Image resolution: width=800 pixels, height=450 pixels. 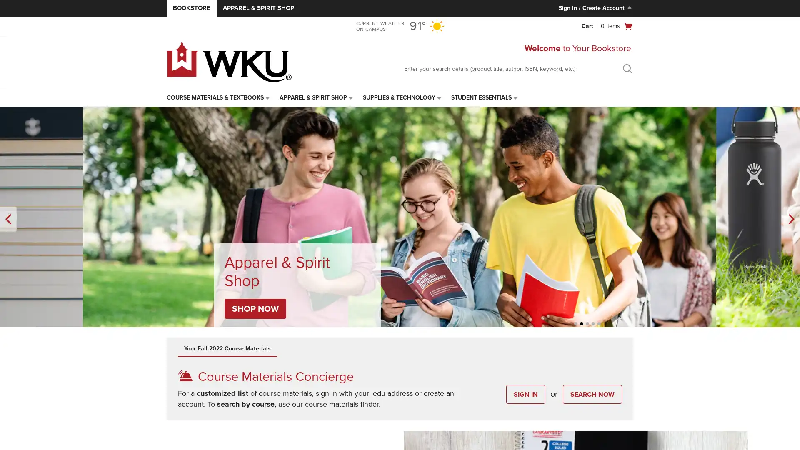 What do you see at coordinates (587, 323) in the screenshot?
I see `Selected, Slide 3` at bounding box center [587, 323].